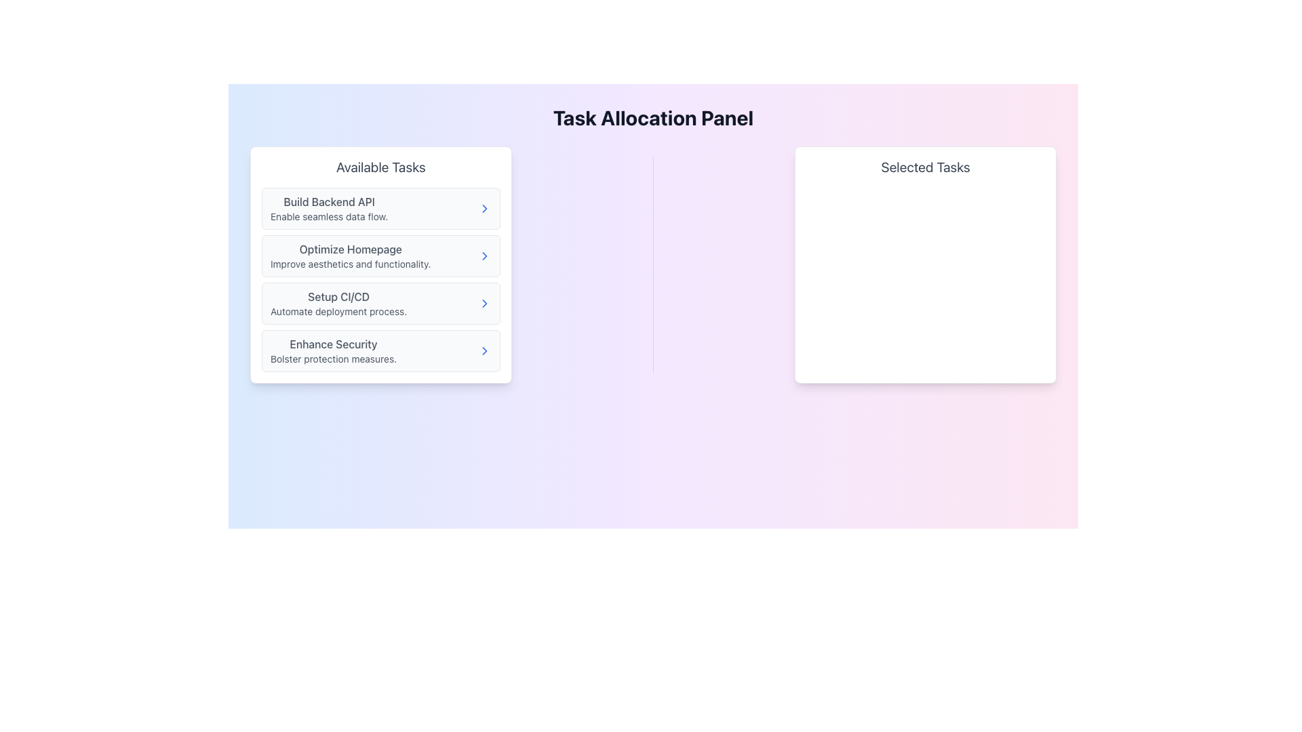 This screenshot has width=1302, height=732. What do you see at coordinates (653, 264) in the screenshot?
I see `the decorative Divider that visually separates the 'Available Tasks' panel on the left and the 'Selected Tasks' panel on the right` at bounding box center [653, 264].